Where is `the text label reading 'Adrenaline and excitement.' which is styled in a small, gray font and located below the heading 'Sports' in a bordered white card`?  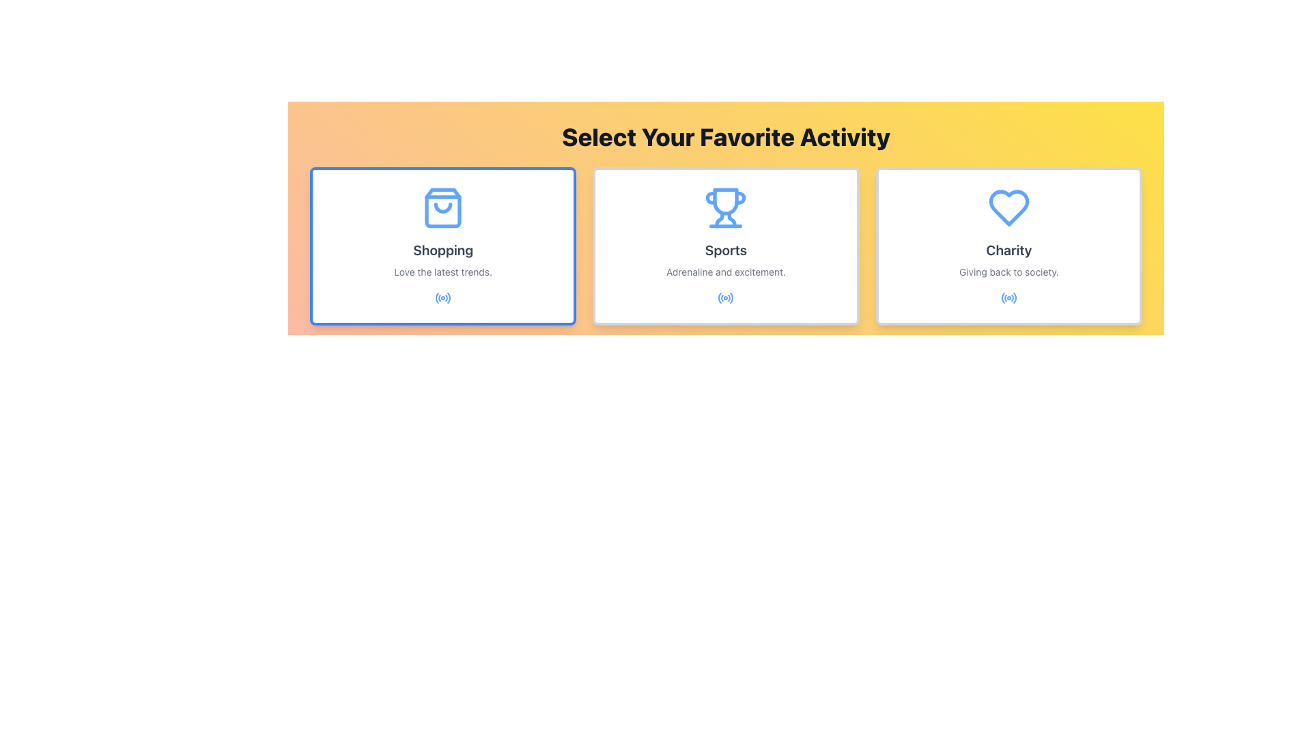 the text label reading 'Adrenaline and excitement.' which is styled in a small, gray font and located below the heading 'Sports' in a bordered white card is located at coordinates (725, 272).